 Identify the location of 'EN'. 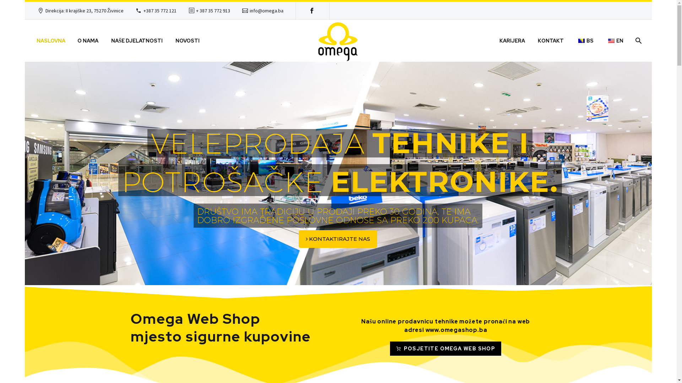
(615, 41).